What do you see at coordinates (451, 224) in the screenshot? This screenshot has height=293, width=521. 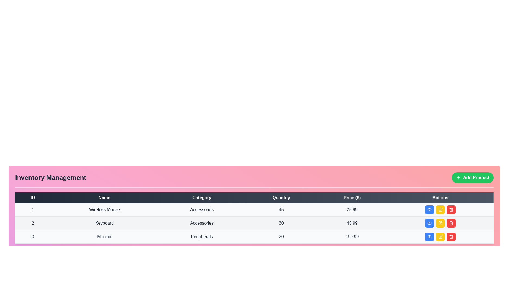 I see `the delete action icon in the third button group of the 'Actions' column for the 'Monitor' entry in the table` at bounding box center [451, 224].